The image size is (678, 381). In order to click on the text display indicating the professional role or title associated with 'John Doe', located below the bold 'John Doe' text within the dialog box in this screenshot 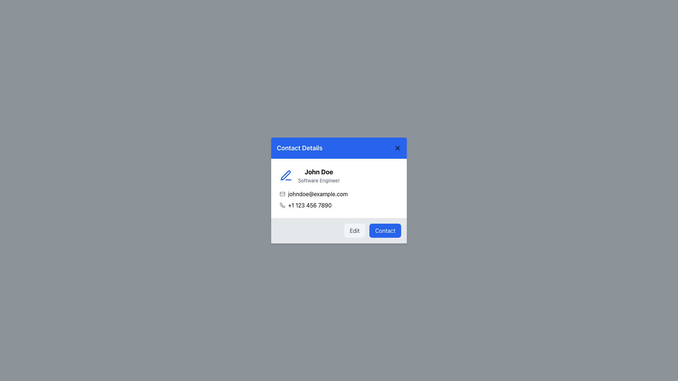, I will do `click(319, 180)`.